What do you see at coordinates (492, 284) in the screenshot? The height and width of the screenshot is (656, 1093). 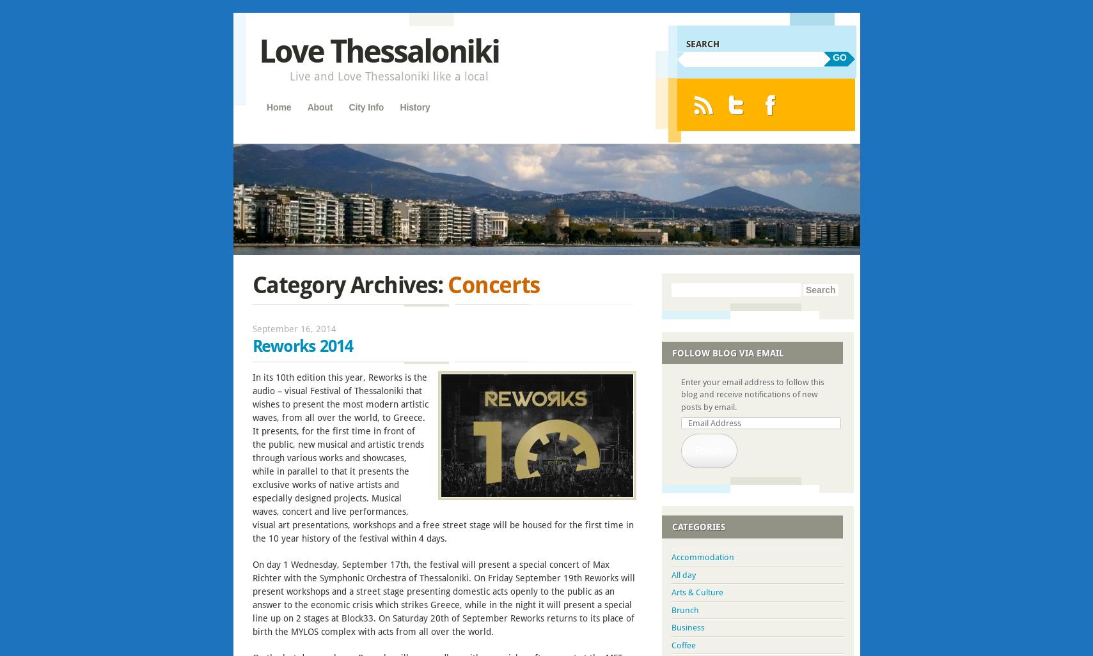 I see `'Concerts'` at bounding box center [492, 284].